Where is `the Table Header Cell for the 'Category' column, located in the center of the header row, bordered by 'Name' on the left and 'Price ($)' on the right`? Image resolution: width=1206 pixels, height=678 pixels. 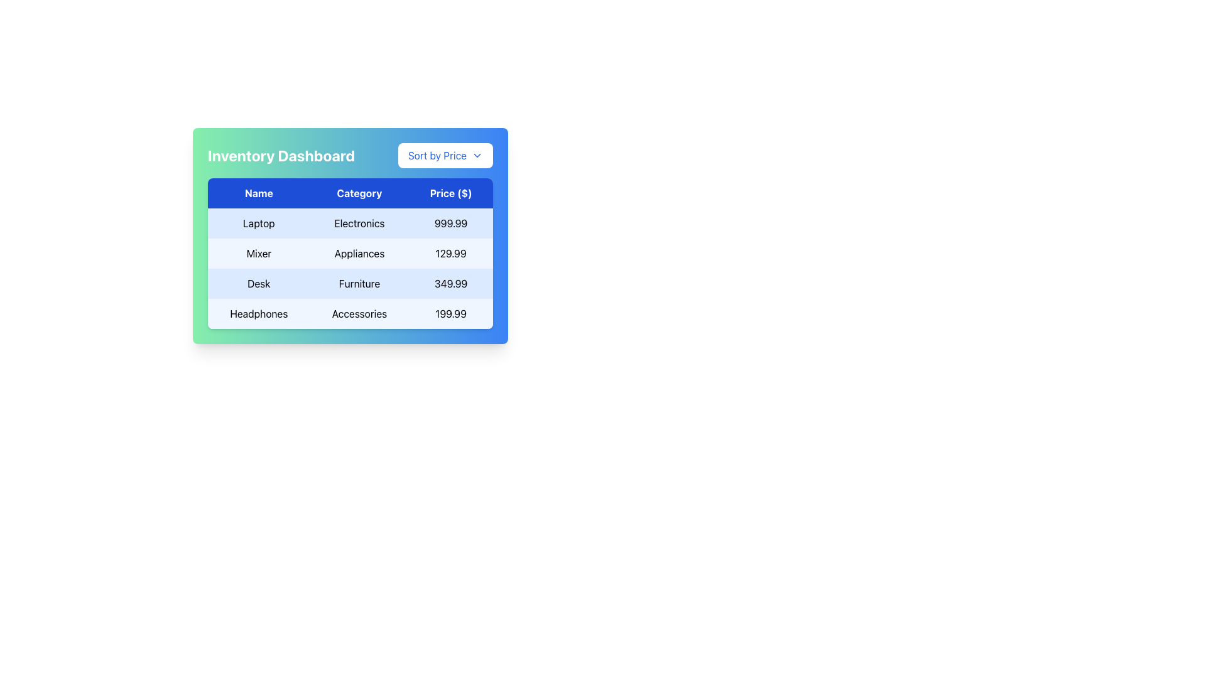
the Table Header Cell for the 'Category' column, located in the center of the header row, bordered by 'Name' on the left and 'Price ($)' on the right is located at coordinates (359, 193).